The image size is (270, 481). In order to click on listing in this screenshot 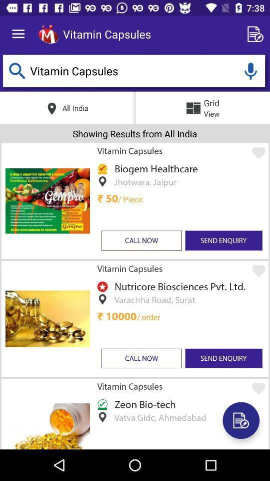, I will do `click(257, 34)`.